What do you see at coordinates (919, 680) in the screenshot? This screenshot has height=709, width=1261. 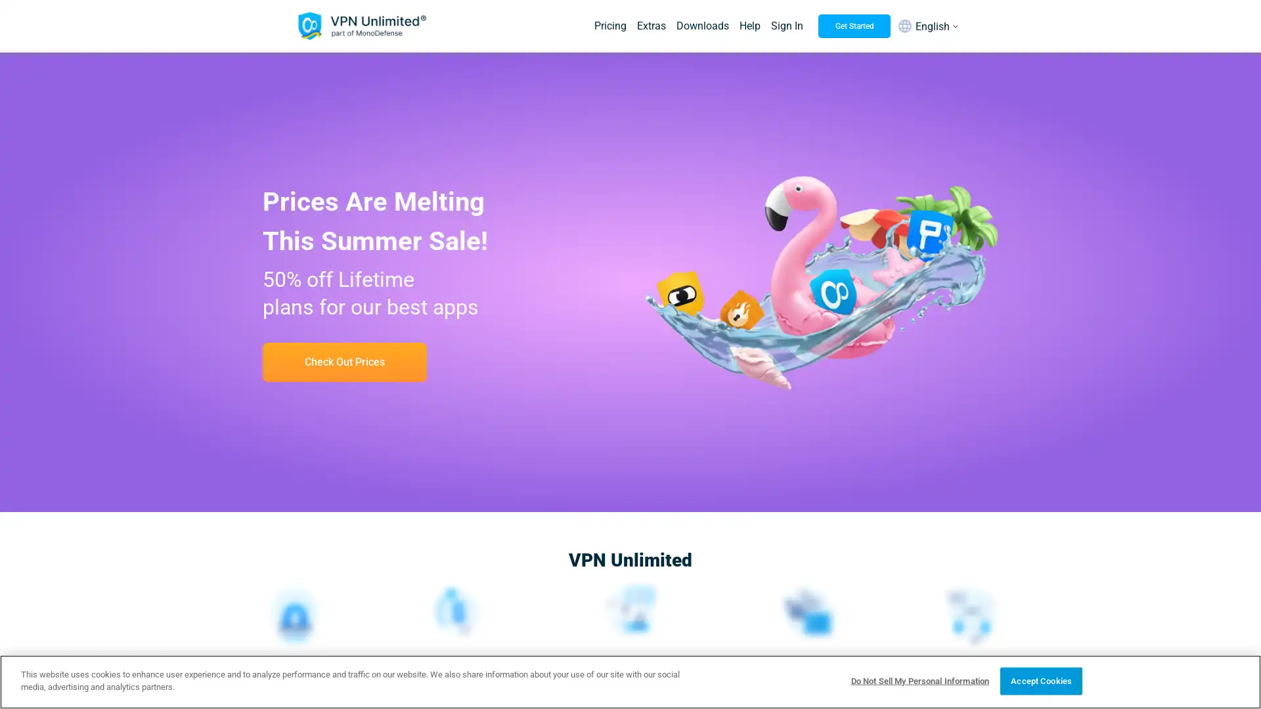 I see `Do Not Sell My Personal Information` at bounding box center [919, 680].